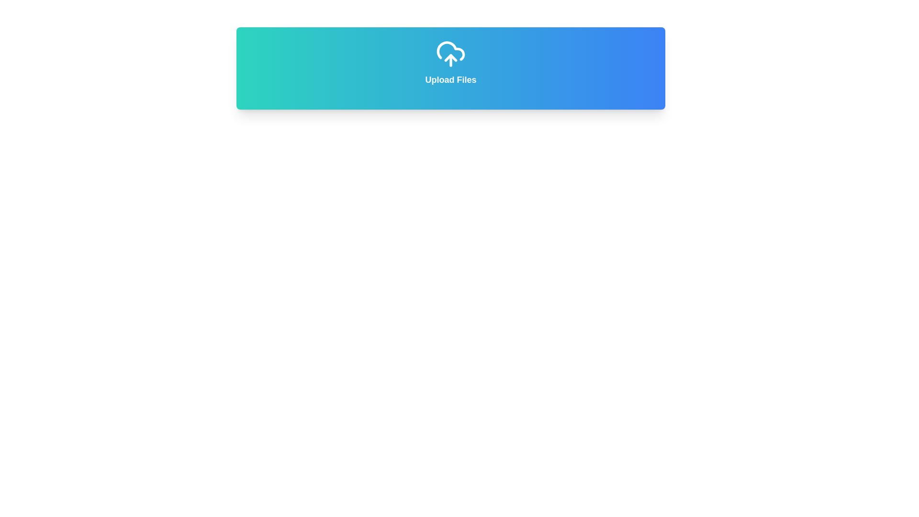  What do you see at coordinates (450, 57) in the screenshot?
I see `the small upward-pointing arrow-shaped icon, which is white or light-colored, located at the bottom center of a larger cloud-shaped icon` at bounding box center [450, 57].